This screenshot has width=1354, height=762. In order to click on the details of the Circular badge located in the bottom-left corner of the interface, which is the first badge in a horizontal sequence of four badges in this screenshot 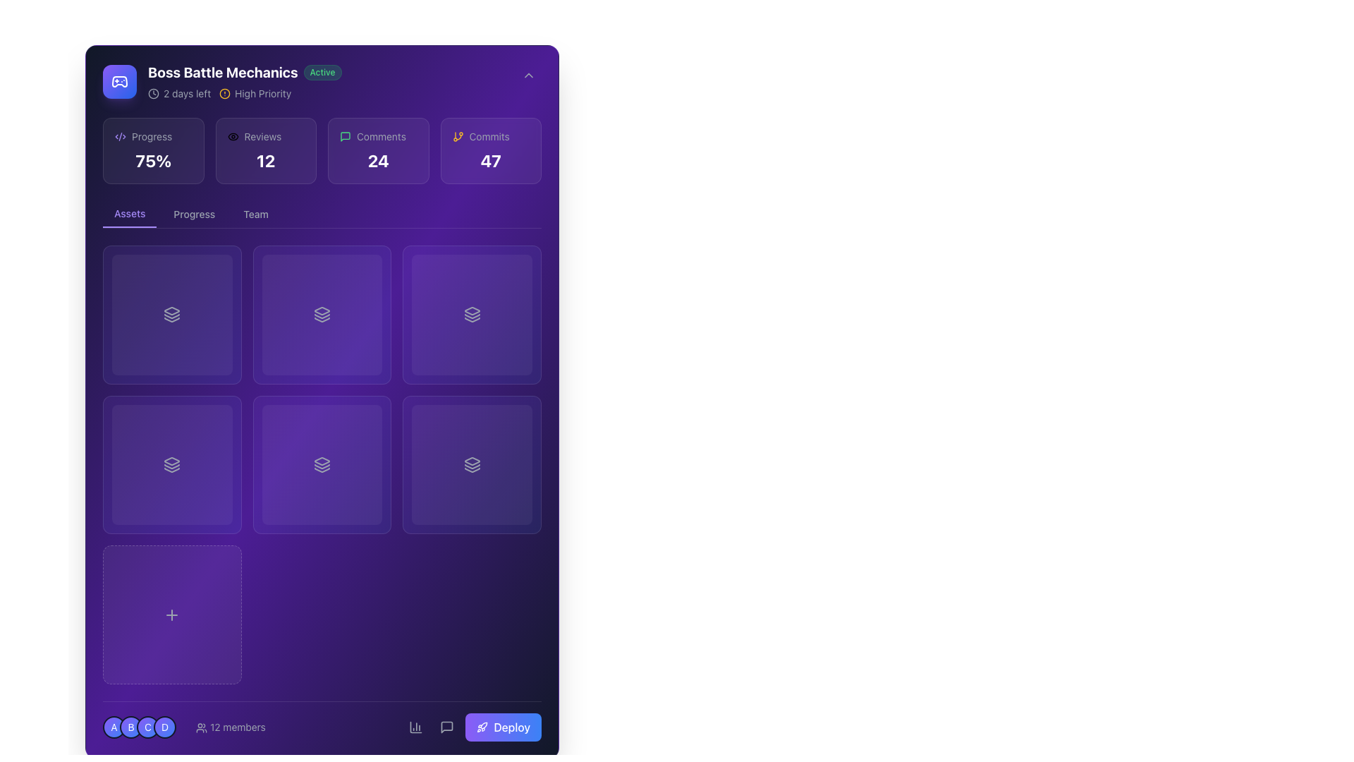, I will do `click(114, 727)`.